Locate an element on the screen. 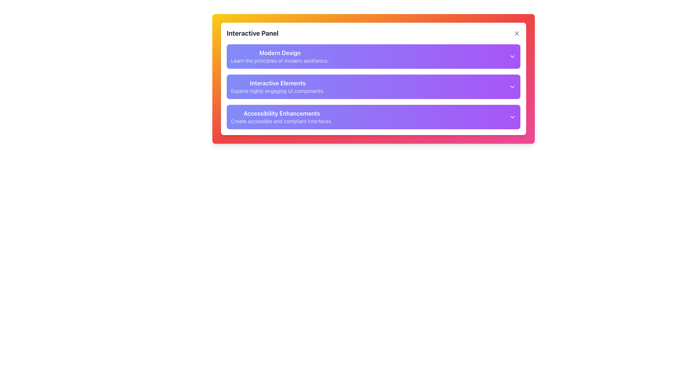  the Chevron Icon, a small, downward-pointing arrow styled in white on a purple background, located at the right end of the 'Accessibility Enhancements' section's title bar is located at coordinates (512, 116).